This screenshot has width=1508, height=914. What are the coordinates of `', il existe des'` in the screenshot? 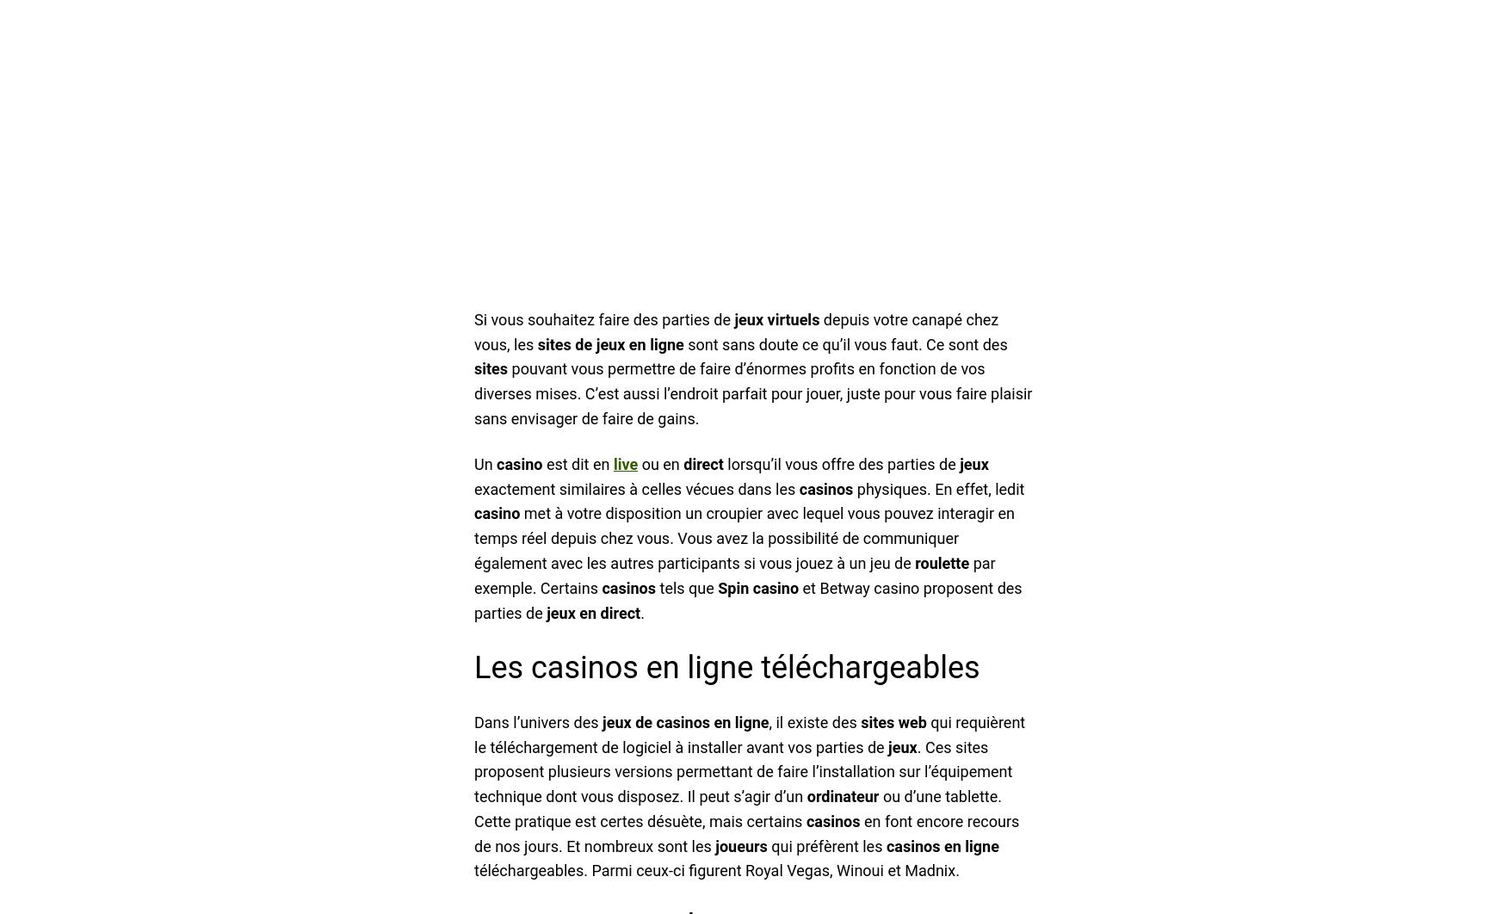 It's located at (814, 720).